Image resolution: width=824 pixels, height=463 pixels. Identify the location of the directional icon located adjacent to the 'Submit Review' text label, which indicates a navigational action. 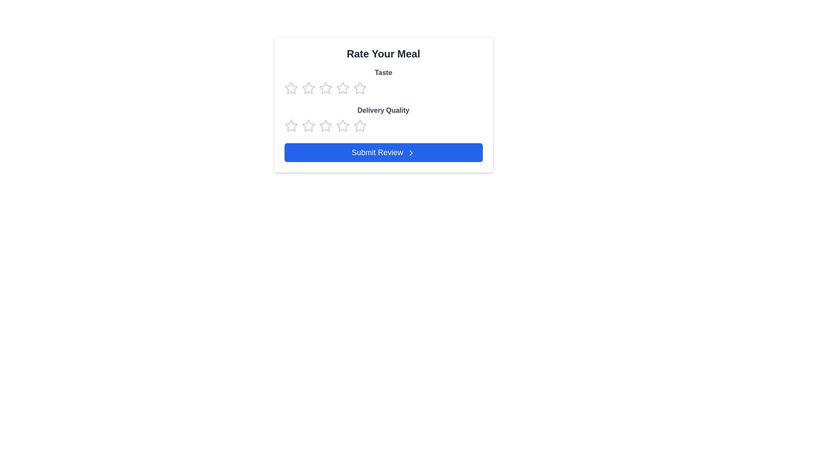
(410, 153).